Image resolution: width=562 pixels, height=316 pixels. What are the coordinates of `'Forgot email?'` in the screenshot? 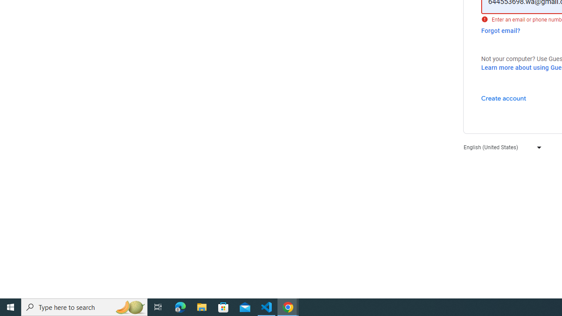 It's located at (501, 30).